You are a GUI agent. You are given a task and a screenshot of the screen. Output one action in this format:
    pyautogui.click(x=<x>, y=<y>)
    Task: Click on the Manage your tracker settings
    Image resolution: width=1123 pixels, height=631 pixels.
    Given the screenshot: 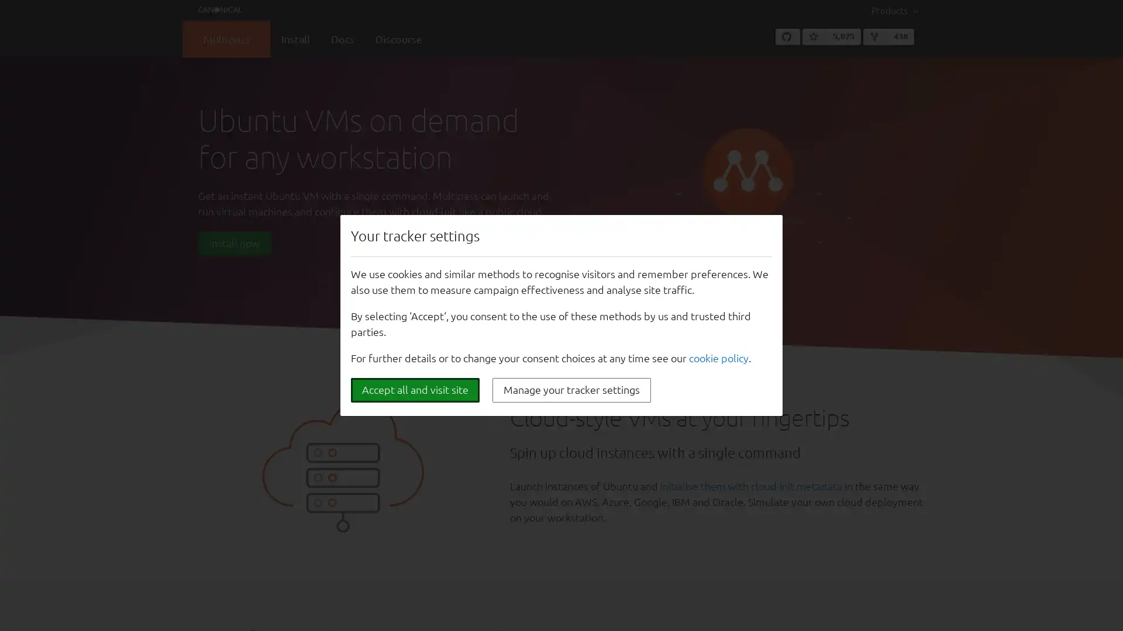 What is the action you would take?
    pyautogui.click(x=571, y=390)
    